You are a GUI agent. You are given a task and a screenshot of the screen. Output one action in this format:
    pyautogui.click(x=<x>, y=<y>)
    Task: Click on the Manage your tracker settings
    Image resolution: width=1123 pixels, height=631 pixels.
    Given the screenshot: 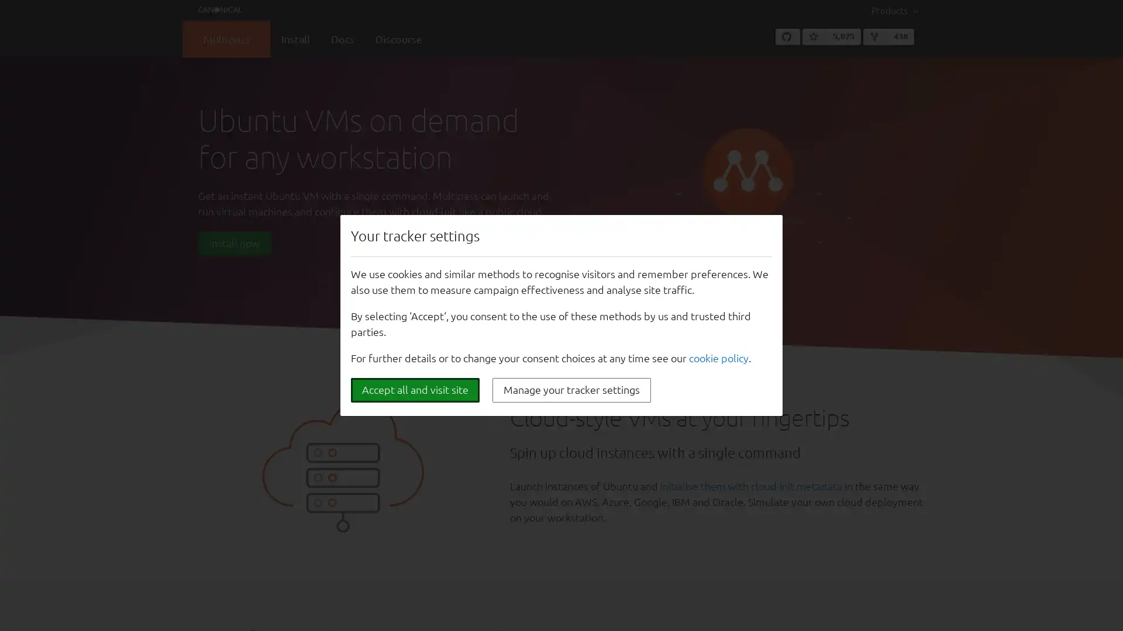 What is the action you would take?
    pyautogui.click(x=571, y=390)
    